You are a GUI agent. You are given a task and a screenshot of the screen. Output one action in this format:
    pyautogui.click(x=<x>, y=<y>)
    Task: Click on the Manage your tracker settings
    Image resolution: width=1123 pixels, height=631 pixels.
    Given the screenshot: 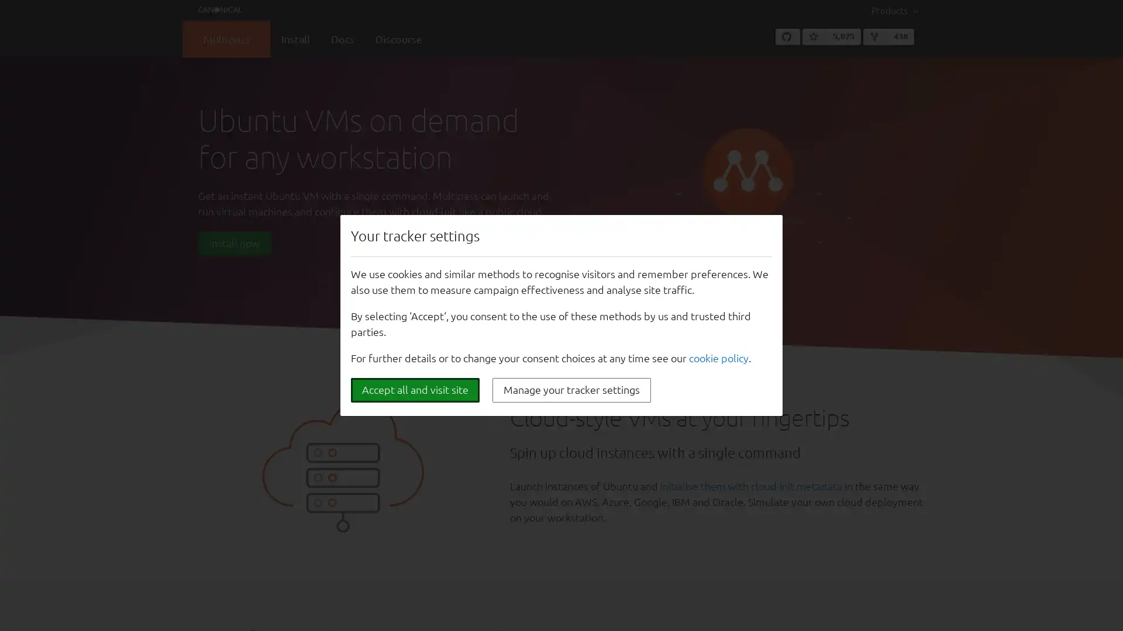 What is the action you would take?
    pyautogui.click(x=571, y=390)
    